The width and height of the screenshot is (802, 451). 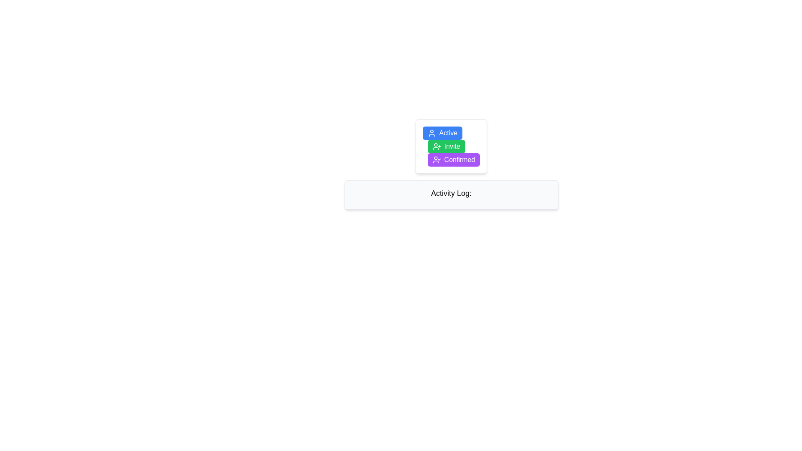 I want to click on the text label indicating 'Active' within the button, so click(x=448, y=133).